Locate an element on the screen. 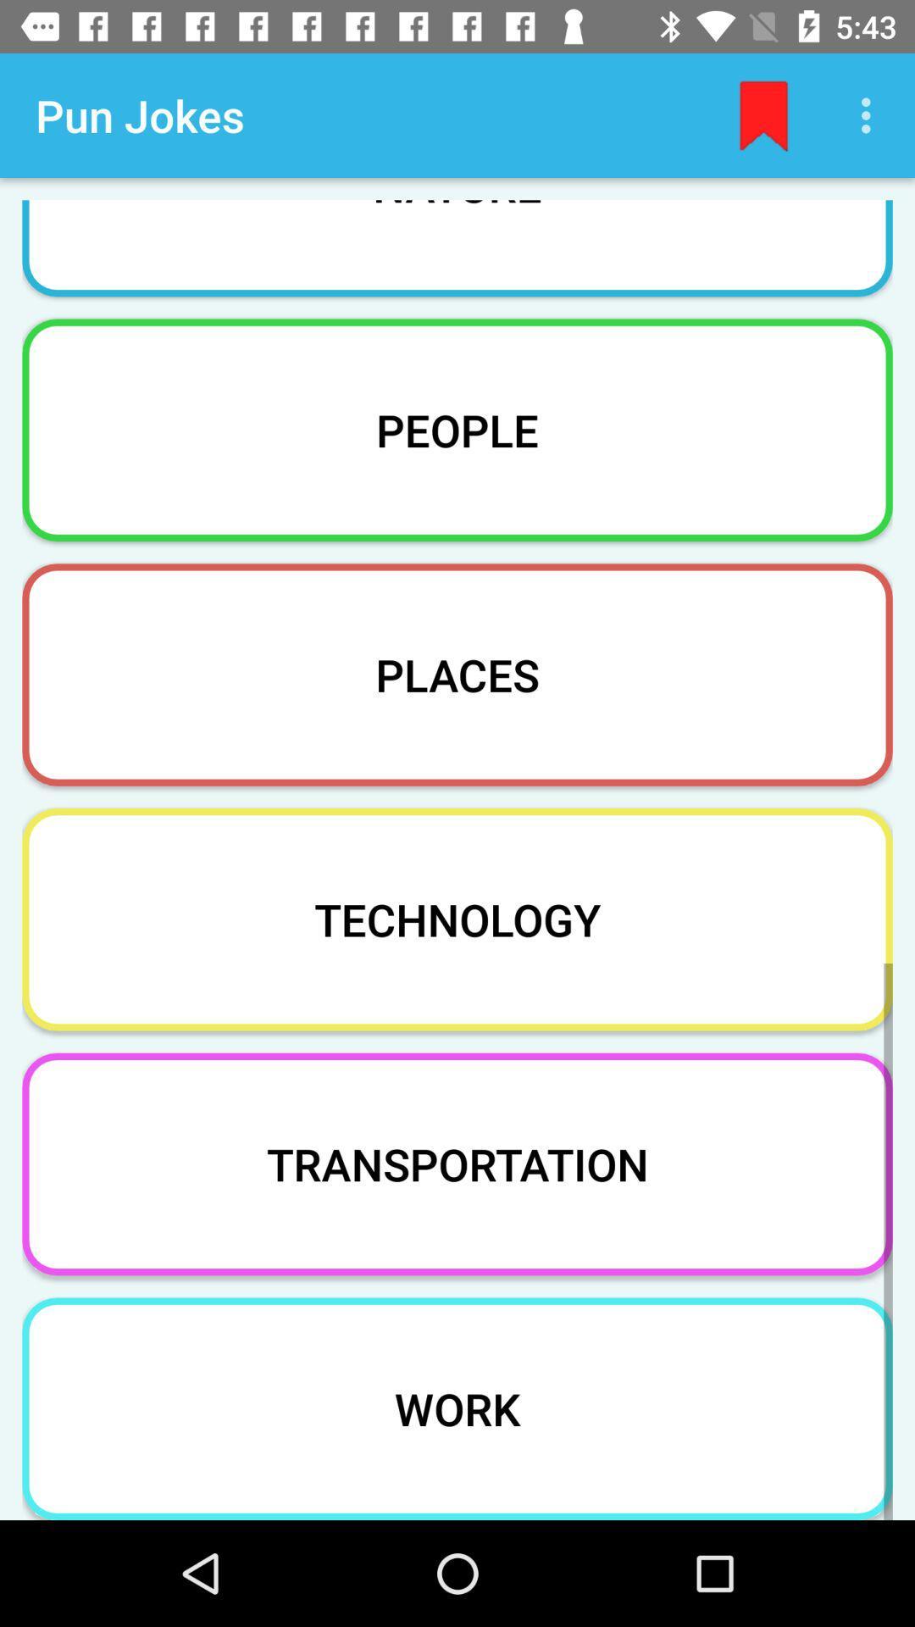 This screenshot has height=1627, width=915. app next to the pun jokes app is located at coordinates (763, 114).